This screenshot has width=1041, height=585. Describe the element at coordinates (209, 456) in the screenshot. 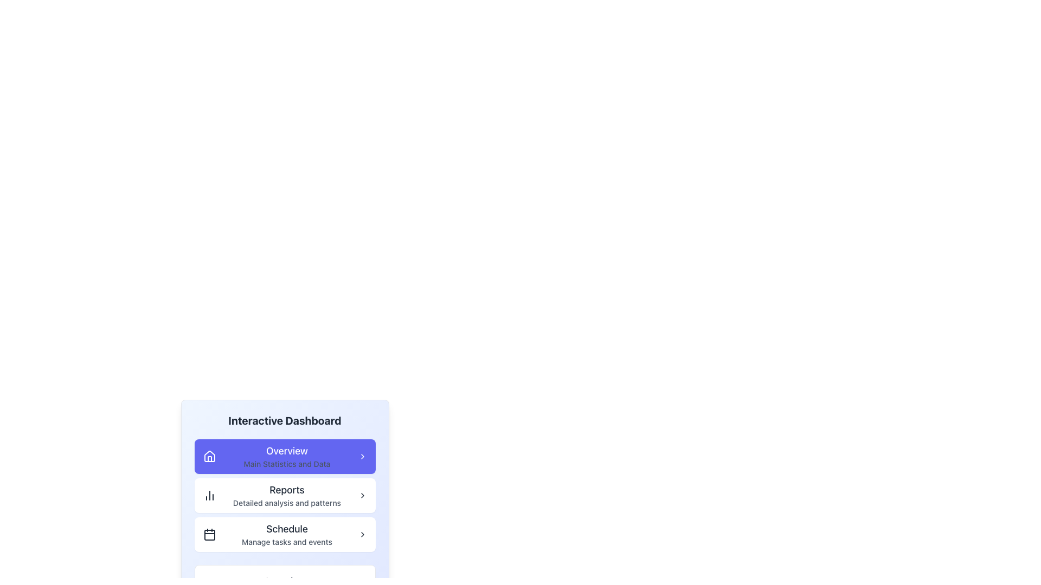

I see `the house icon located to the left of the 'Overview' text in the navigation menu` at that location.